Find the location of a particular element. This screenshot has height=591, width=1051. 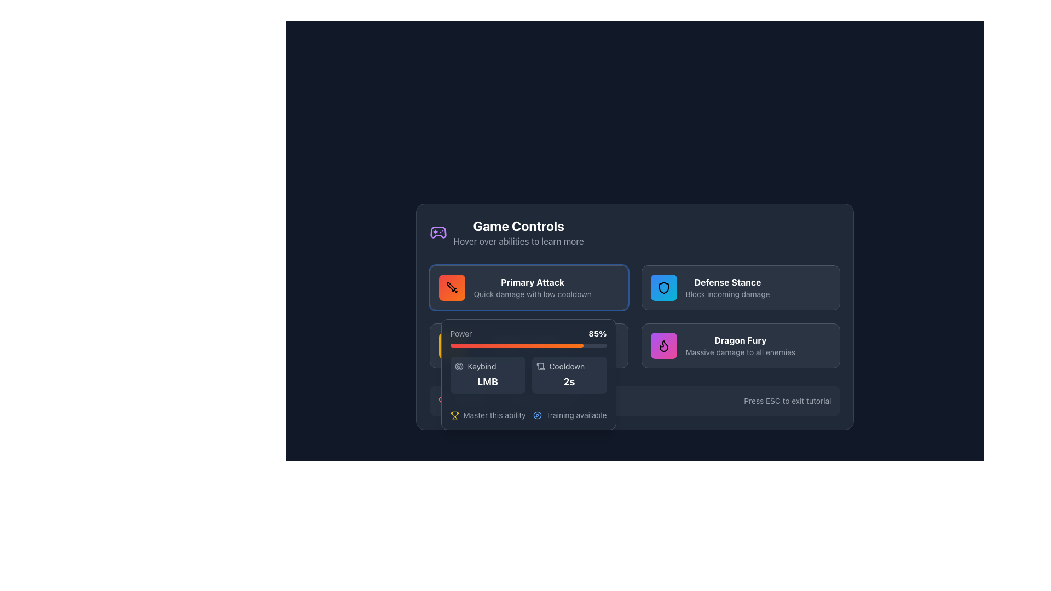

the percentage indicator of the Progress bar located at the top of the card-like structure to understand the level of power is located at coordinates (528, 337).